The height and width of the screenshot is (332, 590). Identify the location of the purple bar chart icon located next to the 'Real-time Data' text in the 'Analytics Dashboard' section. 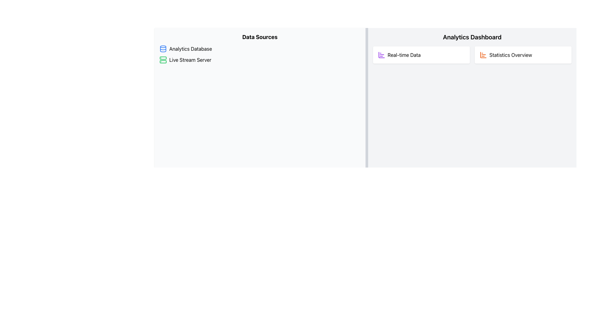
(381, 54).